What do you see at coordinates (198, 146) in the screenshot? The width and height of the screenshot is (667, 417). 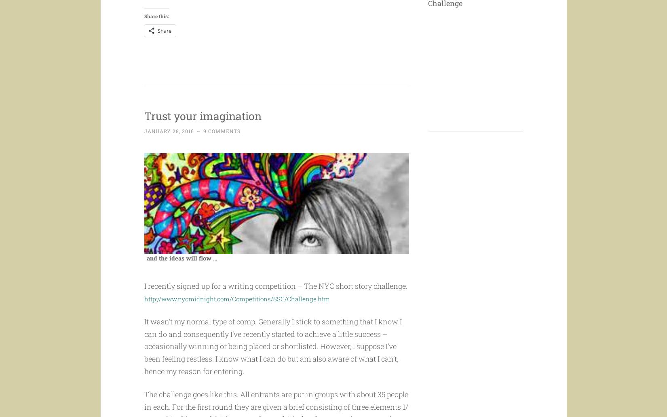 I see `'~'` at bounding box center [198, 146].